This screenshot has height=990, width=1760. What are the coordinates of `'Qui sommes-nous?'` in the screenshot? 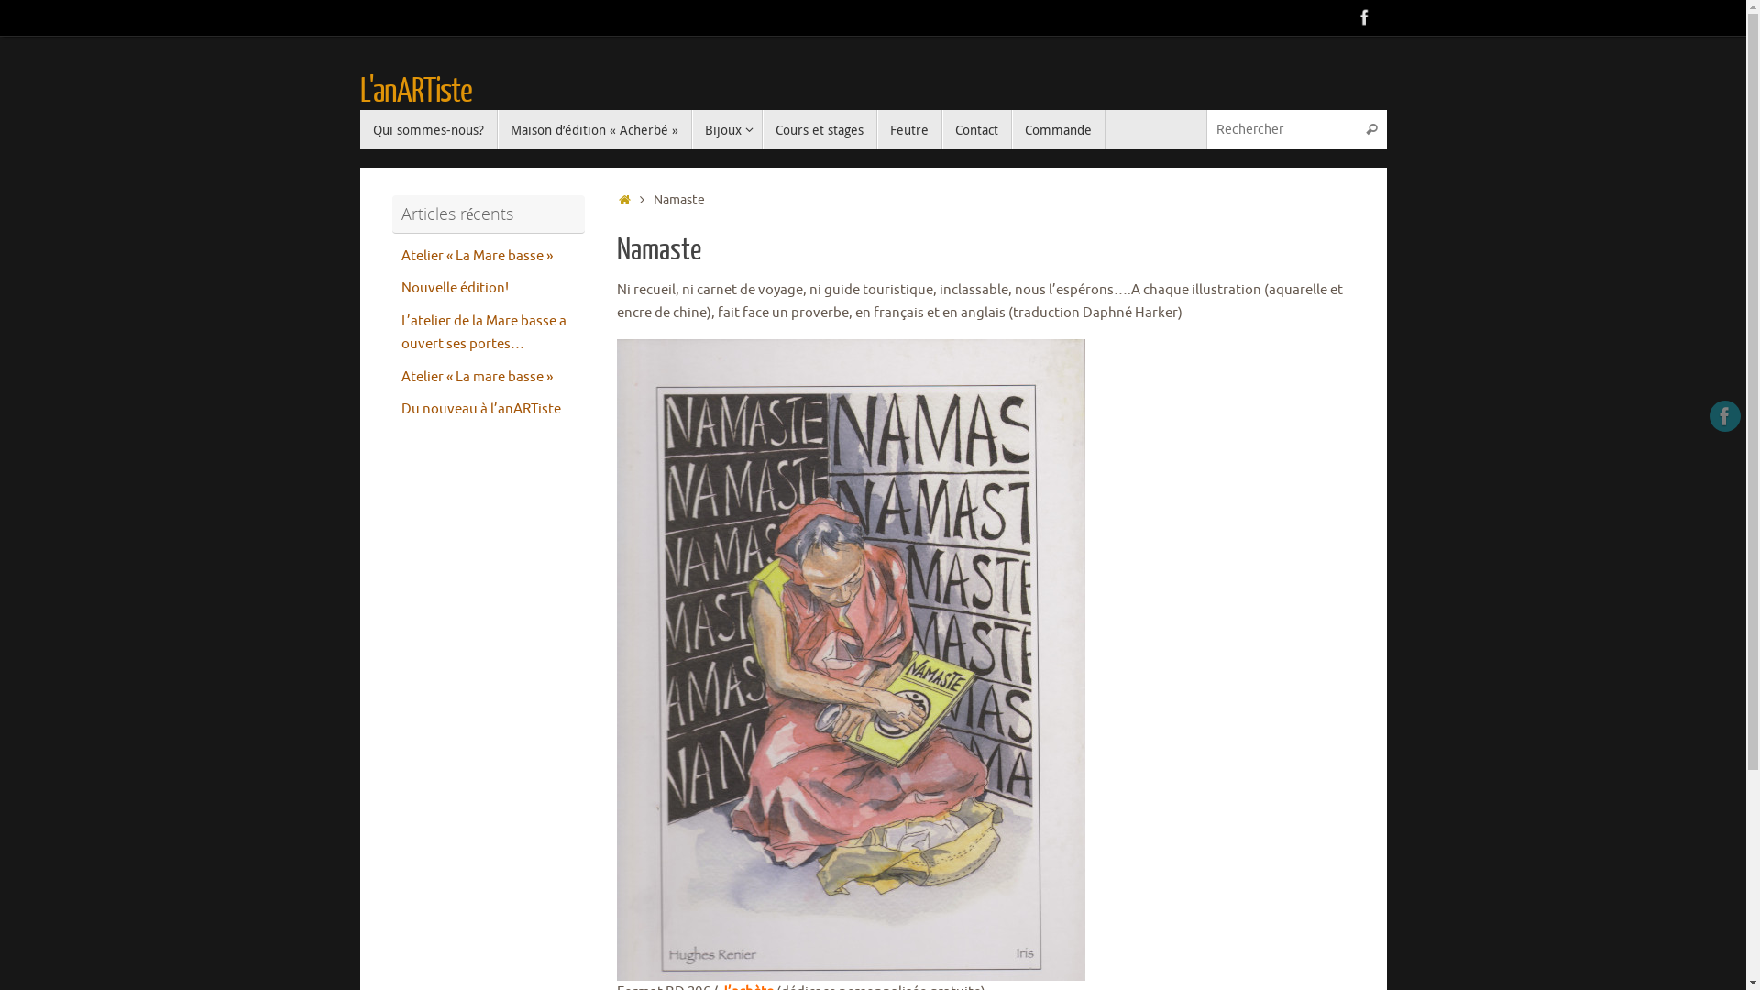 It's located at (426, 128).